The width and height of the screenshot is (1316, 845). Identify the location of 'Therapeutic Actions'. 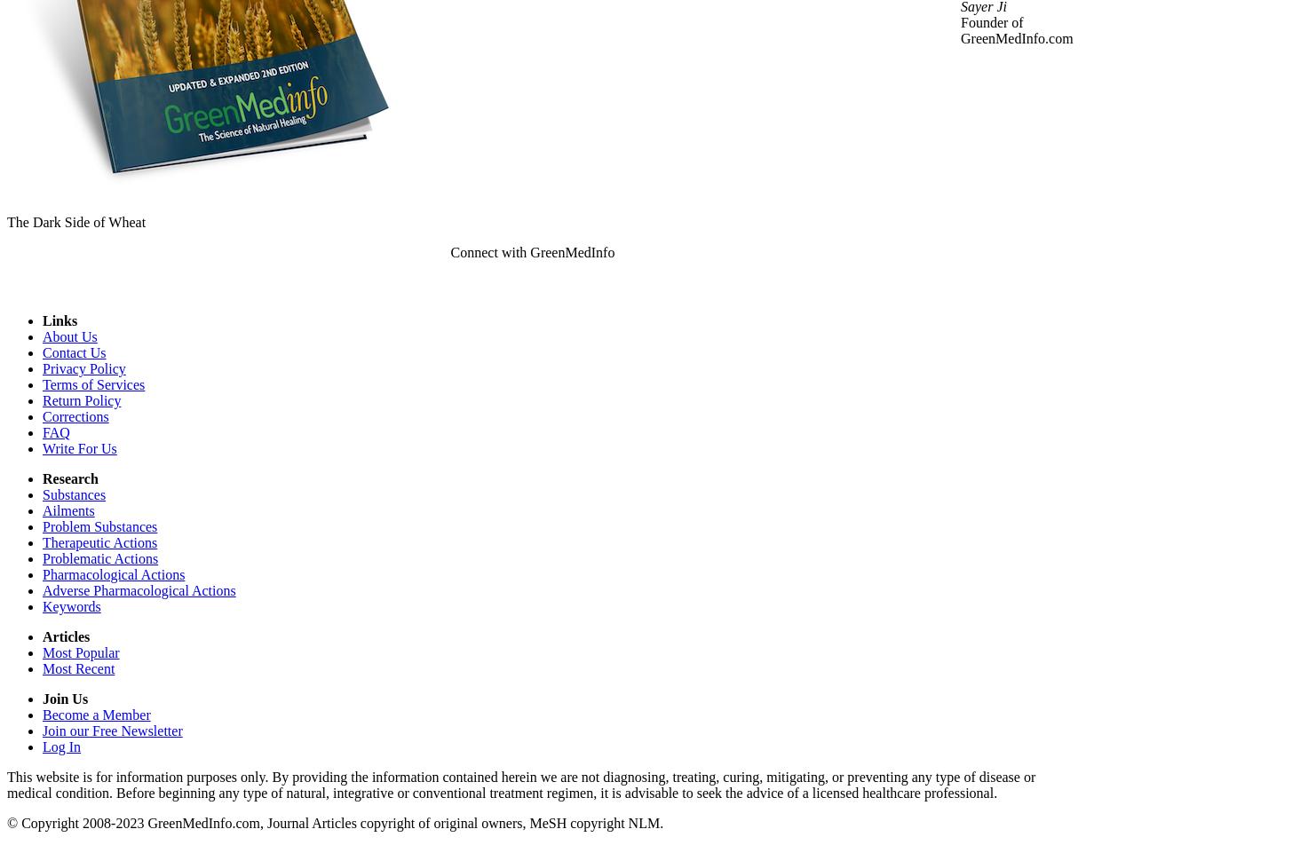
(99, 541).